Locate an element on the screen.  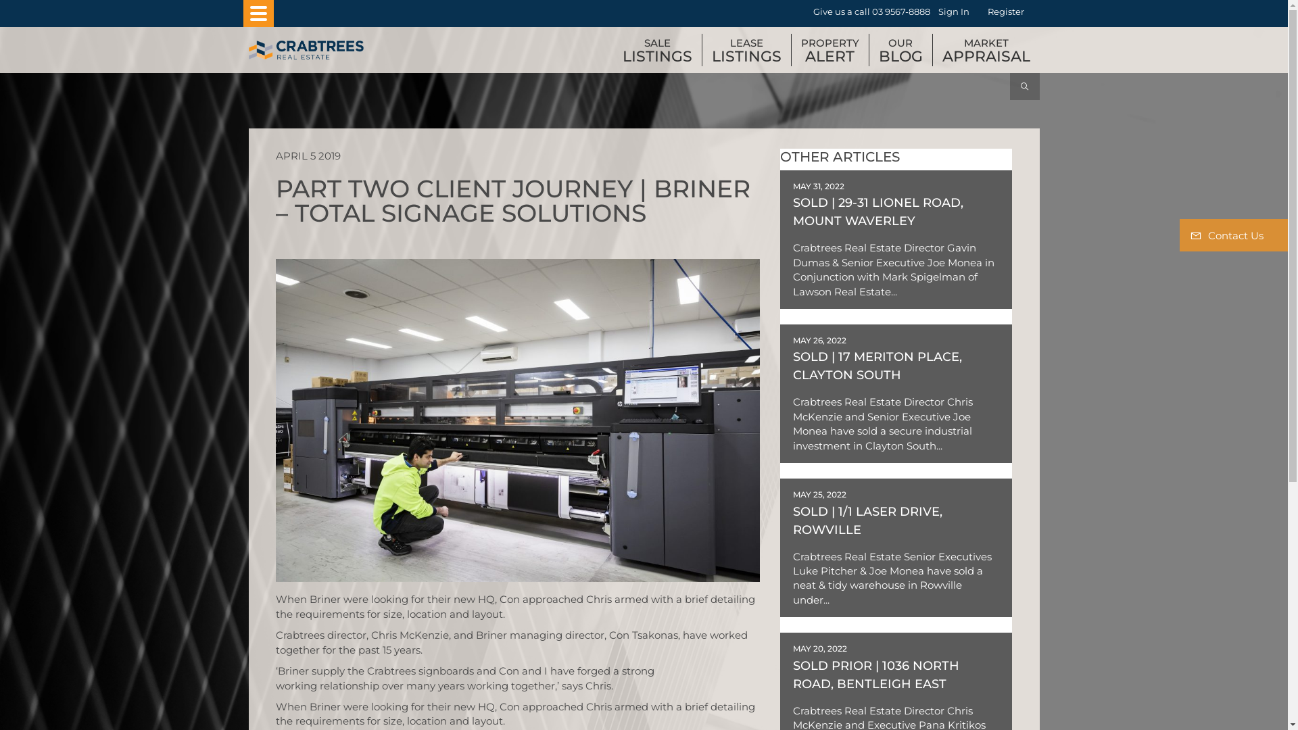
'Give us a call 03 9567-8888' is located at coordinates (871, 11).